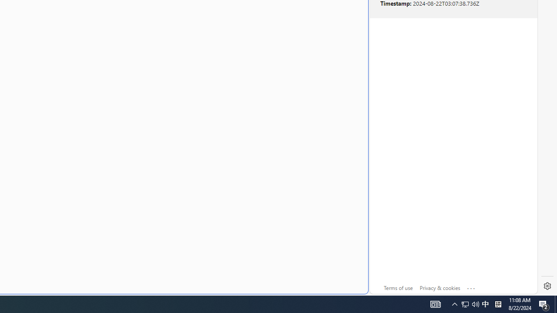 The width and height of the screenshot is (557, 313). Describe the element at coordinates (398, 288) in the screenshot. I see `'Terms of use'` at that location.